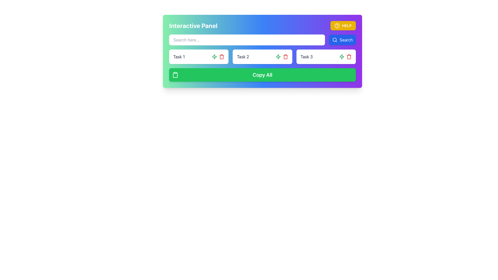 This screenshot has width=498, height=280. What do you see at coordinates (222, 57) in the screenshot?
I see `the delete icon located in the 'Task 2' section` at bounding box center [222, 57].